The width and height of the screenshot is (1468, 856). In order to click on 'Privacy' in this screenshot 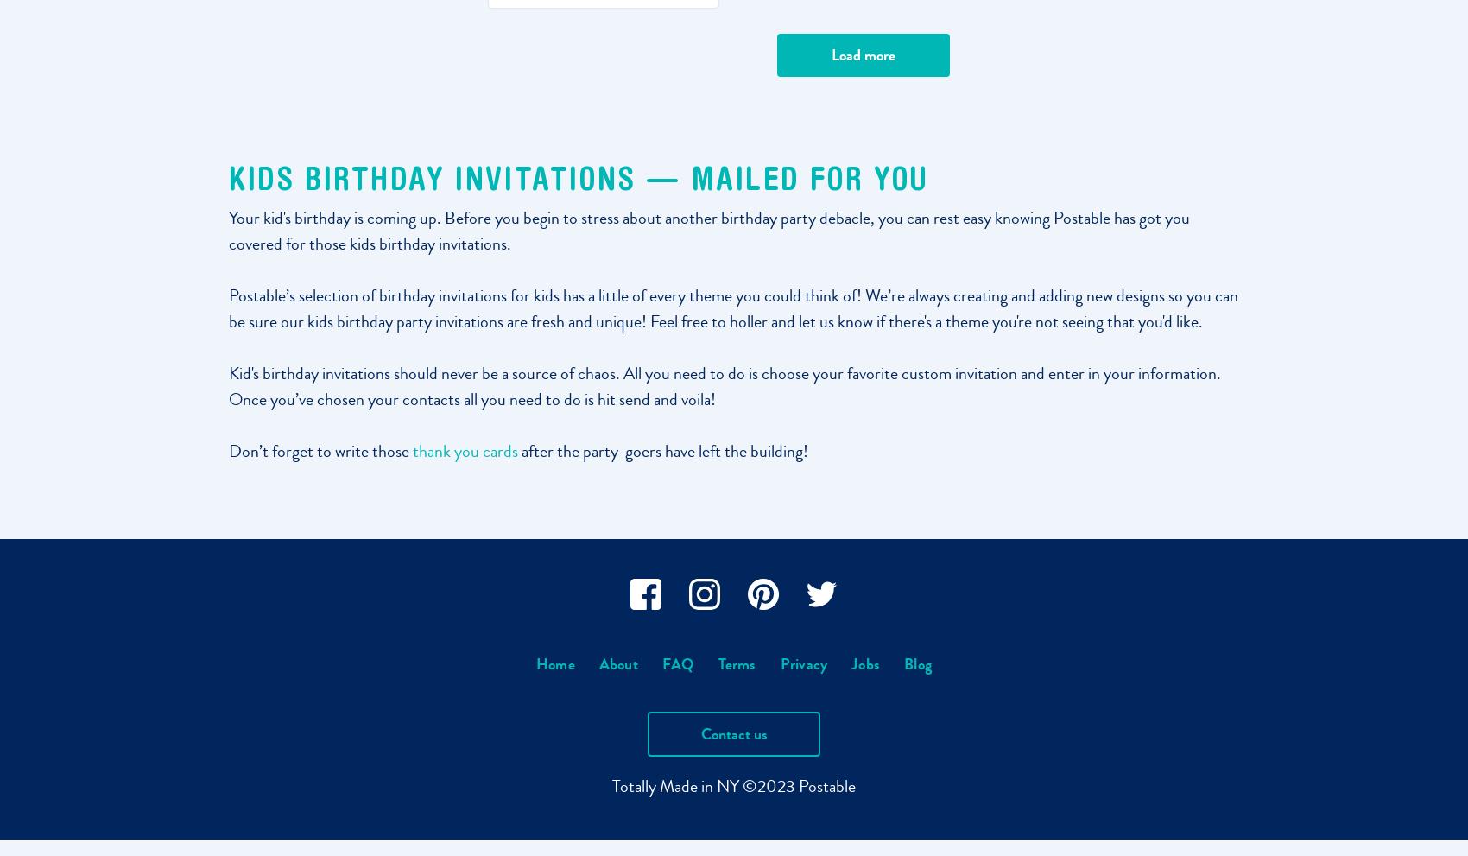, I will do `click(803, 664)`.